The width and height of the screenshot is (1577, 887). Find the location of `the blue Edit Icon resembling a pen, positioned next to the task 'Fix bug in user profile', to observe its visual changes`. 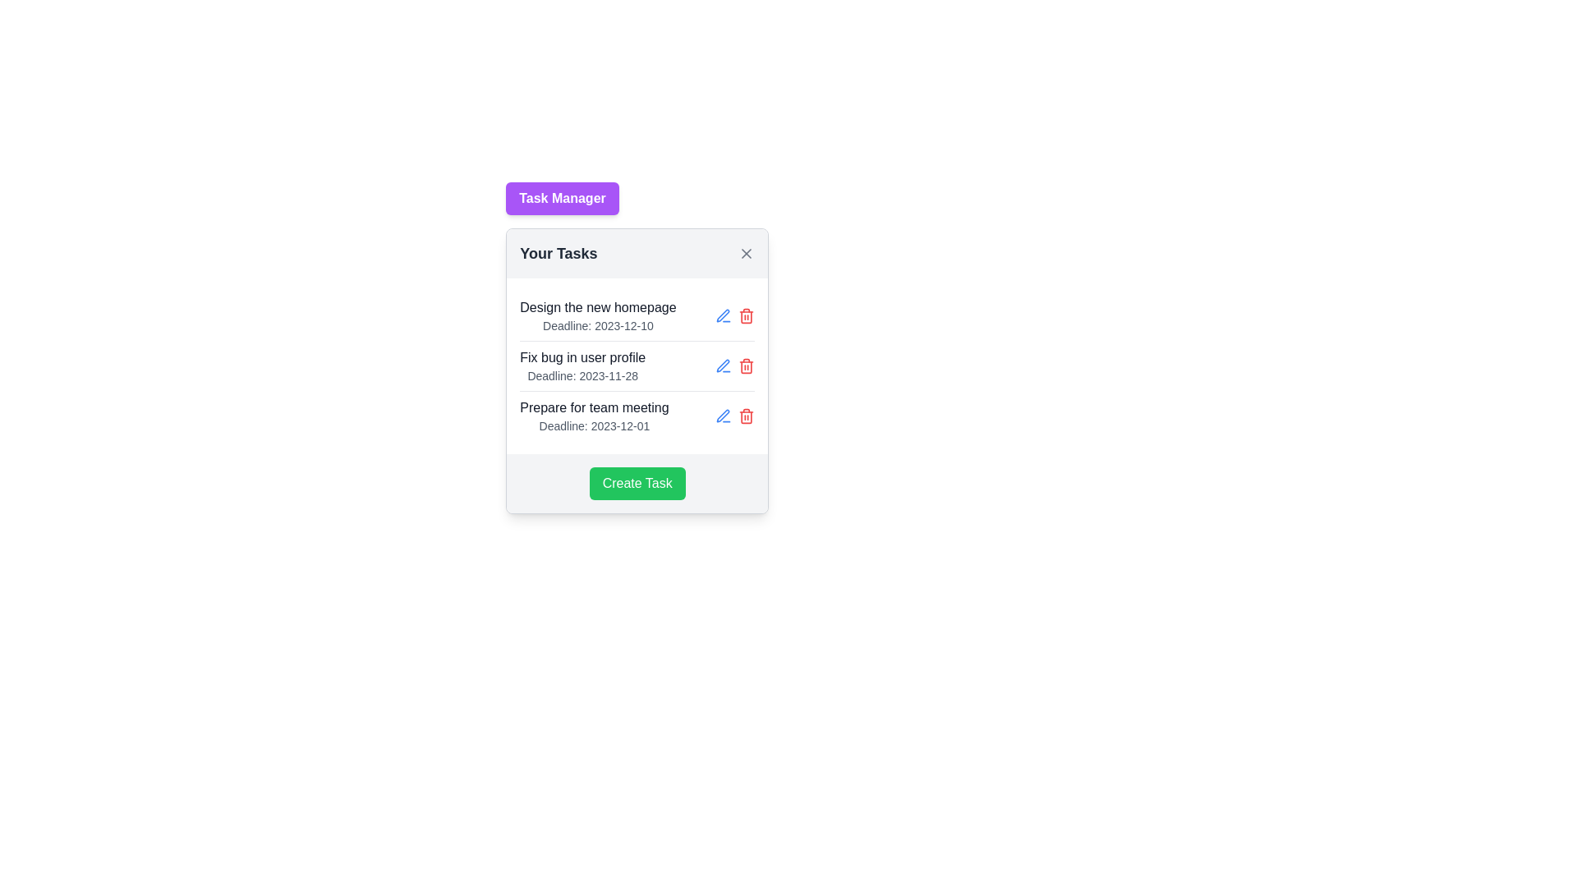

the blue Edit Icon resembling a pen, positioned next to the task 'Fix bug in user profile', to observe its visual changes is located at coordinates (723, 365).